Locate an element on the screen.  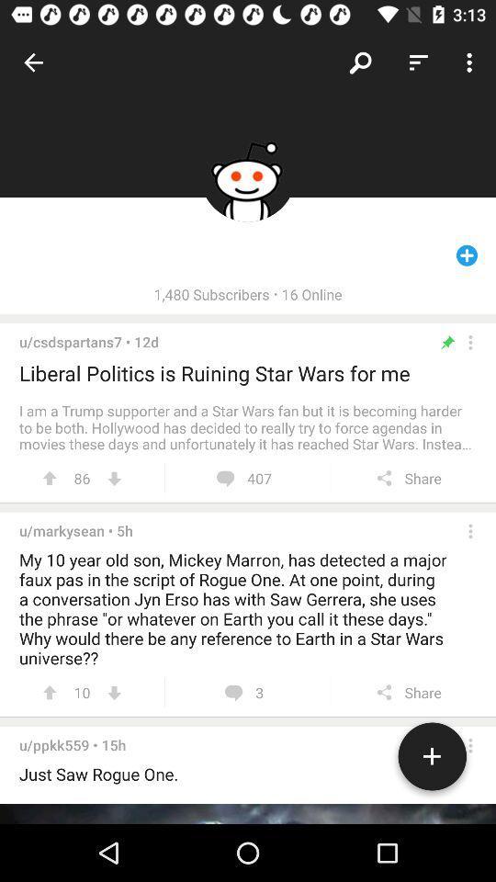
number of views is located at coordinates (114, 692).